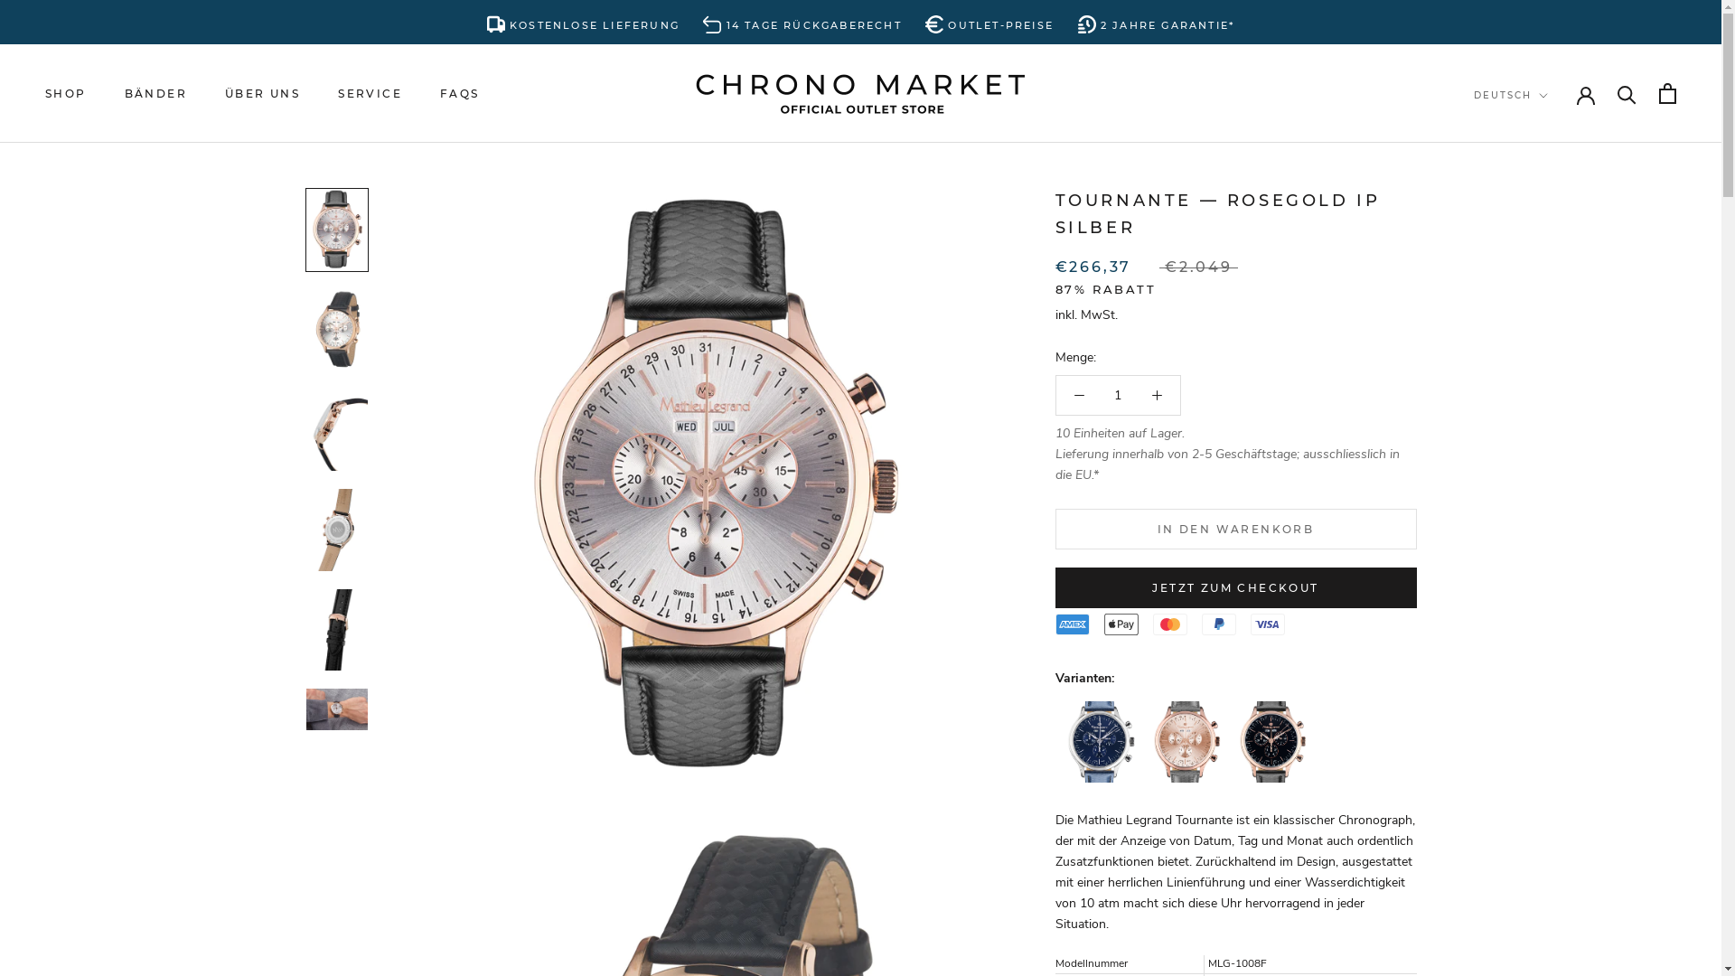  Describe the element at coordinates (1235, 587) in the screenshot. I see `'JETZT ZUM CHECKOUT'` at that location.